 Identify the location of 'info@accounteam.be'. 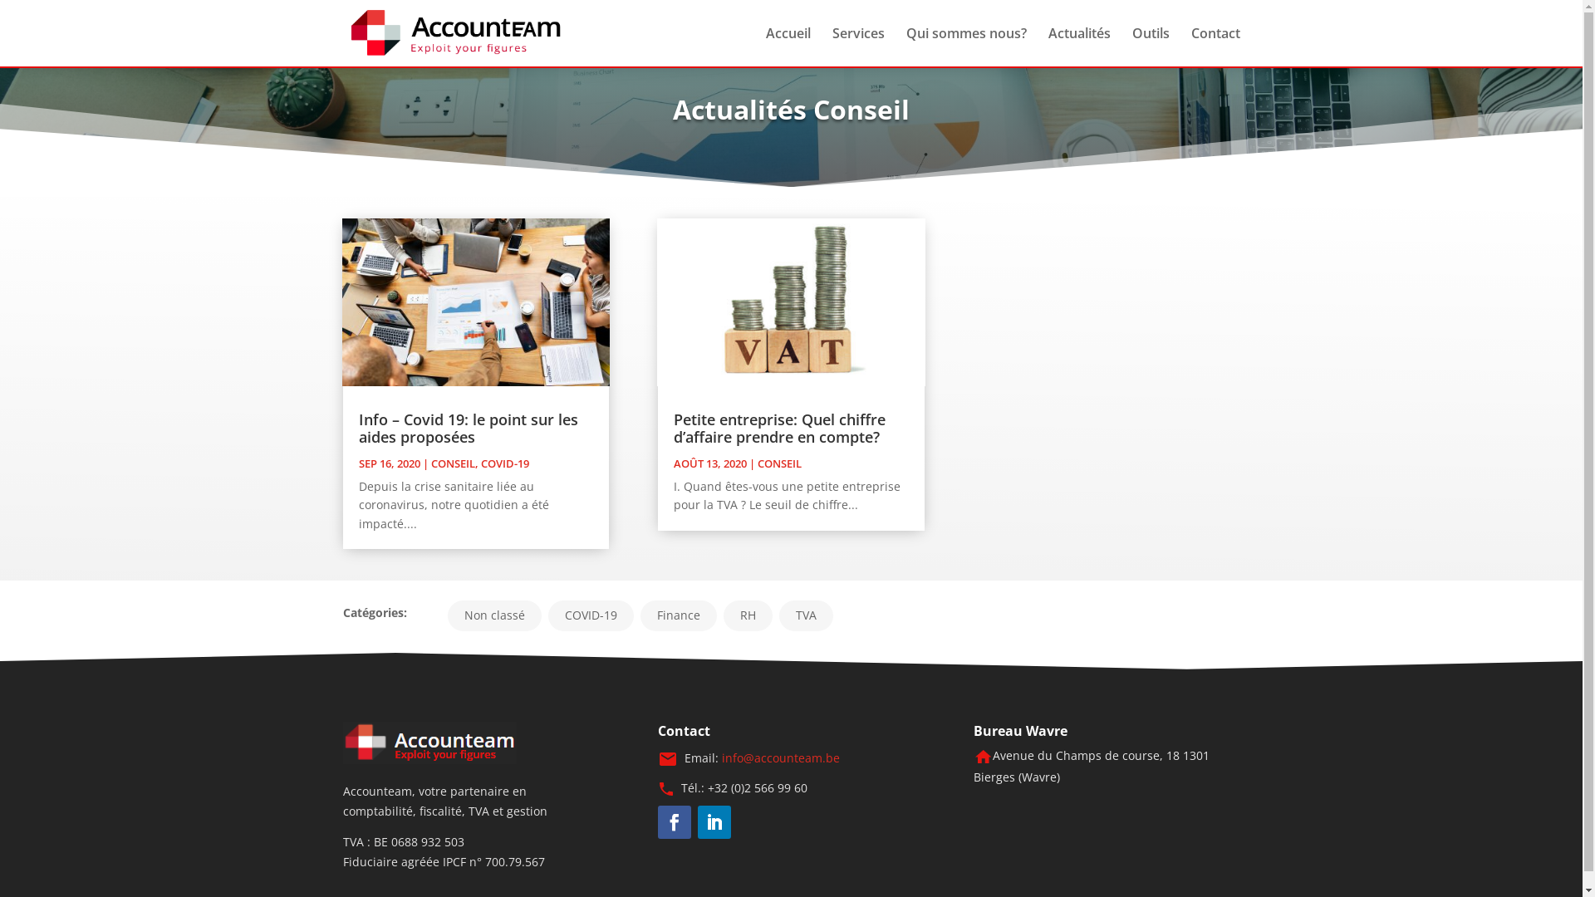
(780, 757).